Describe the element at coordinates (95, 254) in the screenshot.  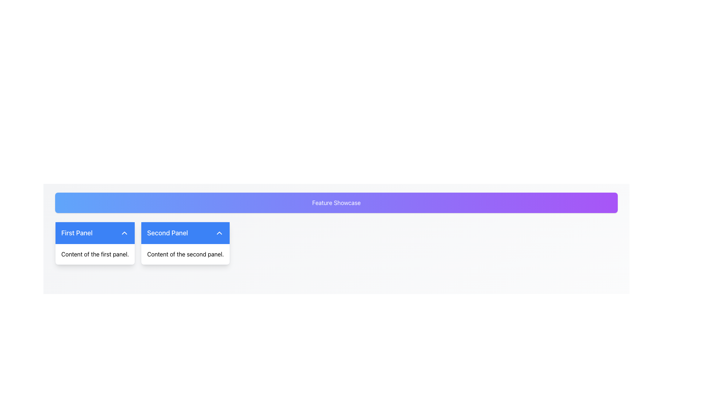
I see `the Text Display Box located below the title bar of the 'First Panel' which displays descriptive information related to the panel` at that location.